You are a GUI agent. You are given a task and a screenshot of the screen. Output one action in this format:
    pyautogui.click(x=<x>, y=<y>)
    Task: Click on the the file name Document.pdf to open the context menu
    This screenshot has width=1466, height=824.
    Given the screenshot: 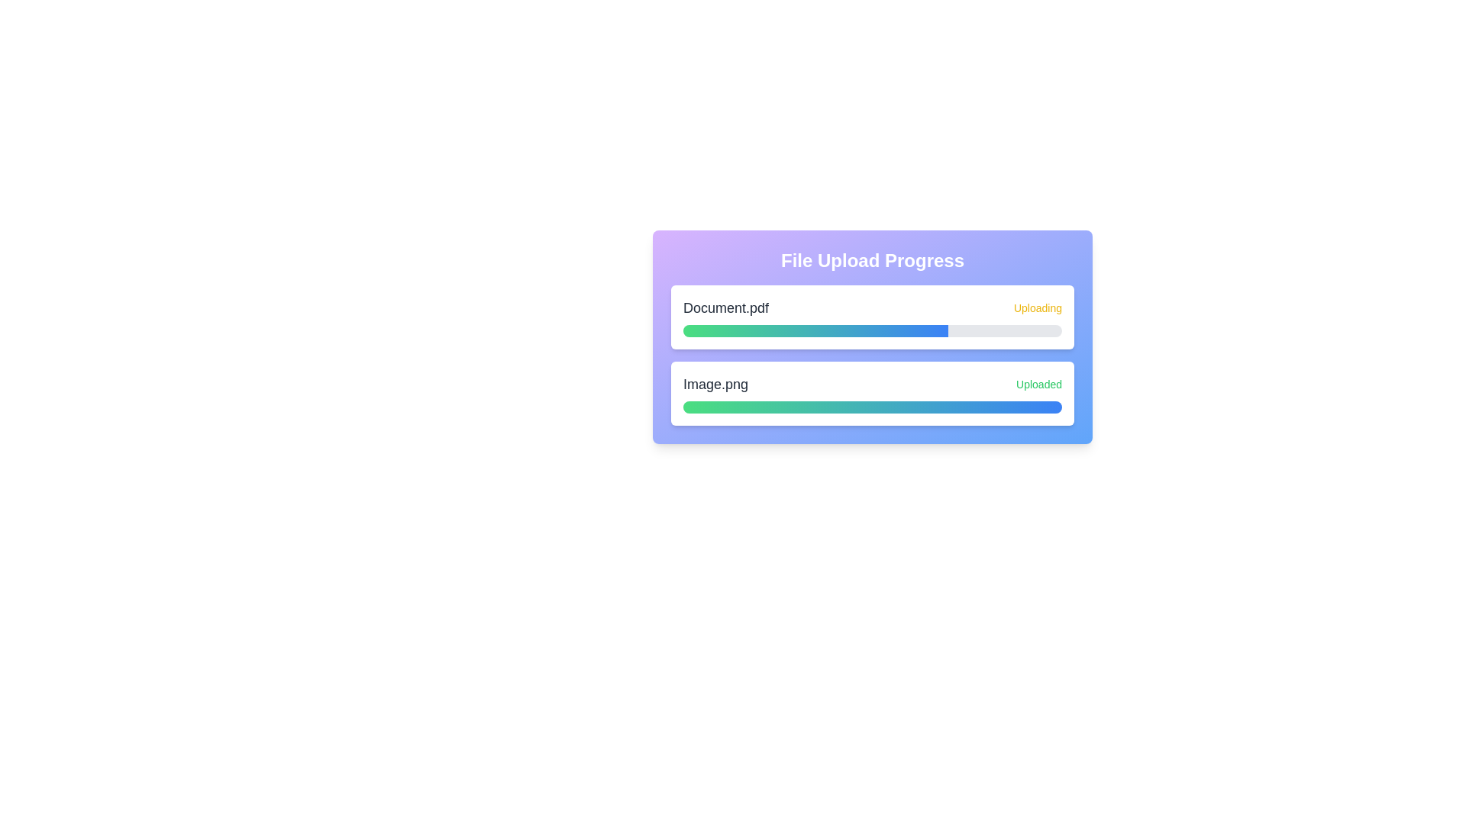 What is the action you would take?
    pyautogui.click(x=725, y=308)
    